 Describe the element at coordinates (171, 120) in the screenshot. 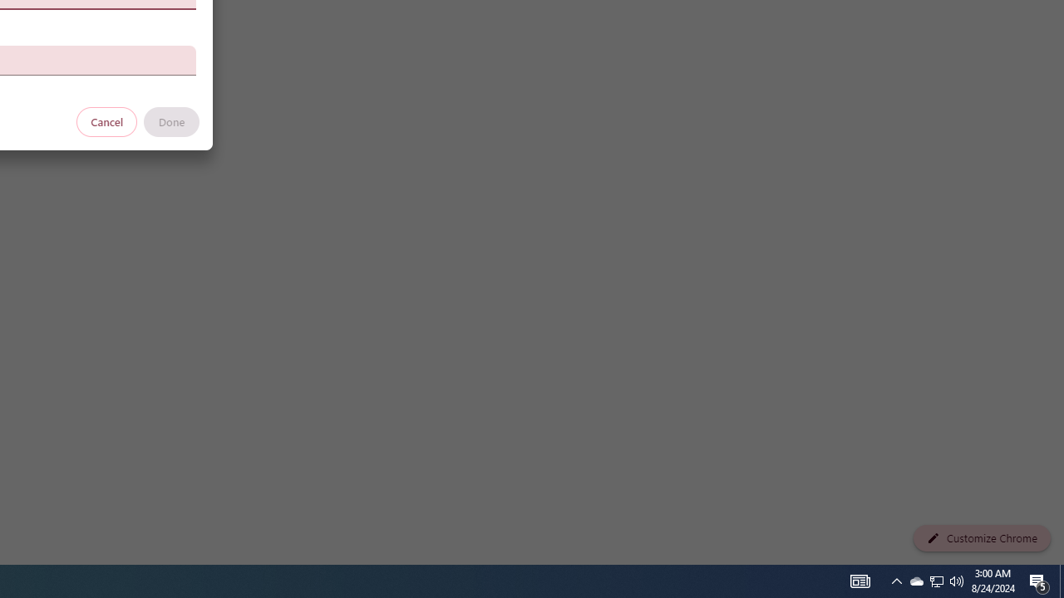

I see `'Done'` at that location.